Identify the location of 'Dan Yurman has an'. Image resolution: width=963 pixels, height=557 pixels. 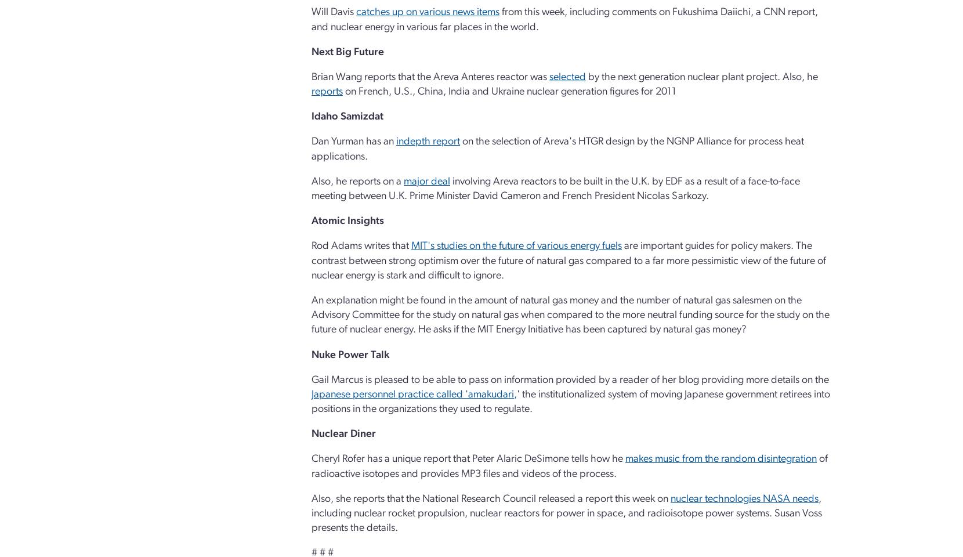
(354, 141).